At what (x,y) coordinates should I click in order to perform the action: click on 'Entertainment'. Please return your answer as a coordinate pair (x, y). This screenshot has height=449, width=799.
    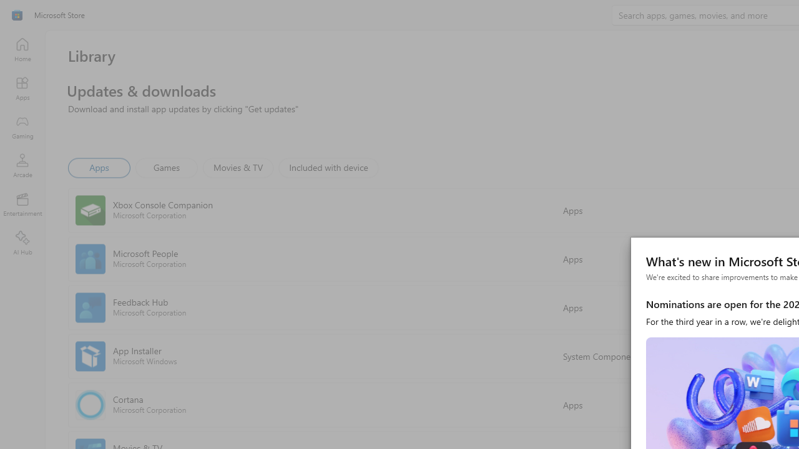
    Looking at the image, I should click on (22, 203).